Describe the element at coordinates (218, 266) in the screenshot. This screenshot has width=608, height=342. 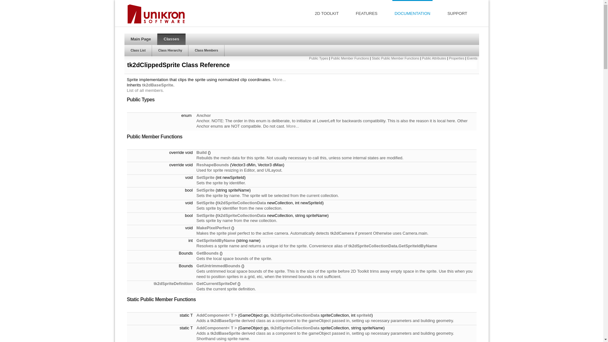
I see `'GetUntrimmedBounds'` at that location.